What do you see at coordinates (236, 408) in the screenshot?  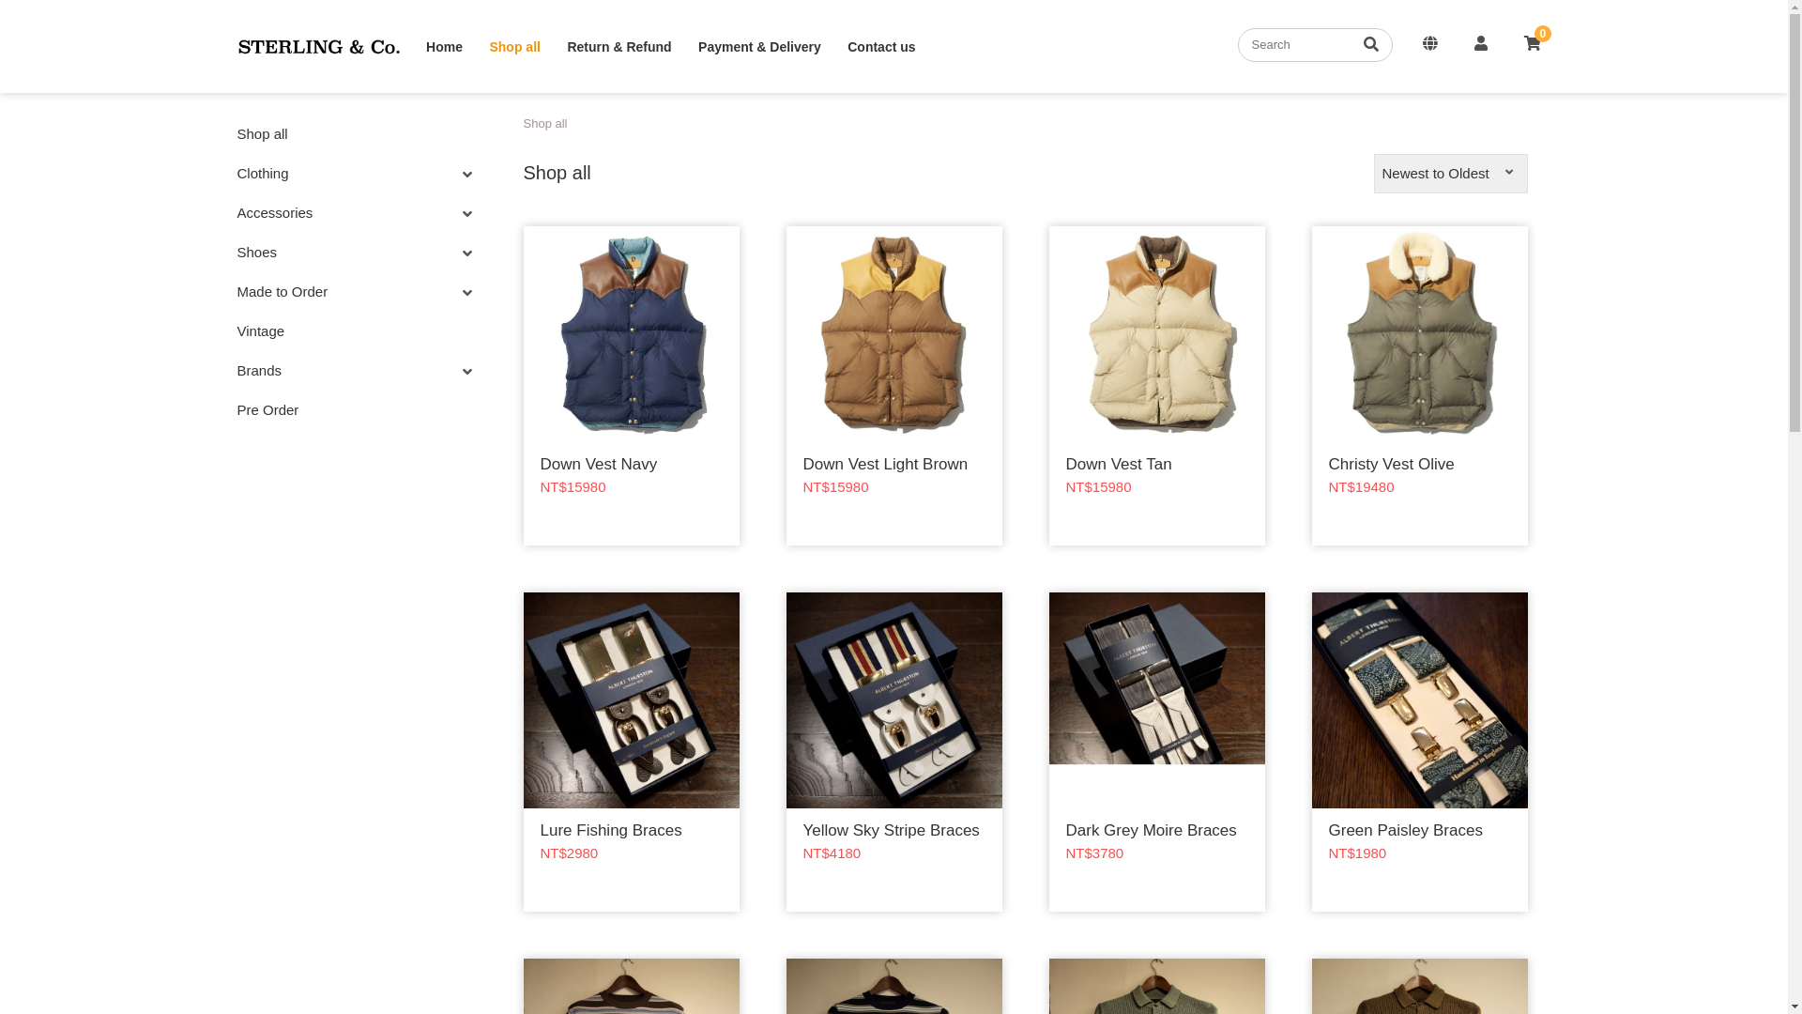 I see `'Pre Order'` at bounding box center [236, 408].